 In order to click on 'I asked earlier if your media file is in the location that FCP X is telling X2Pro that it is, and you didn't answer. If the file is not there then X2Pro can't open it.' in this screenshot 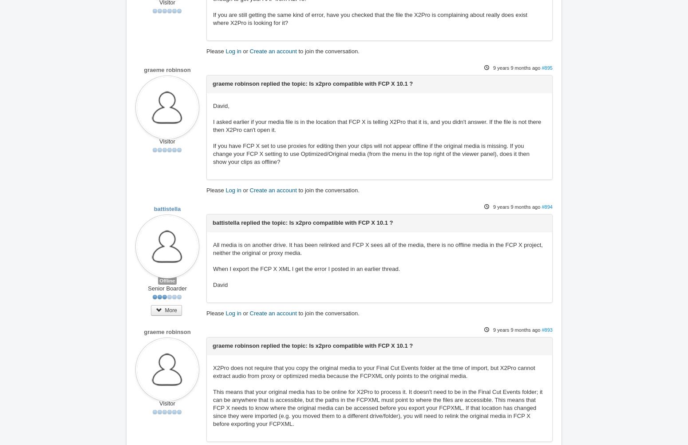, I will do `click(376, 125)`.